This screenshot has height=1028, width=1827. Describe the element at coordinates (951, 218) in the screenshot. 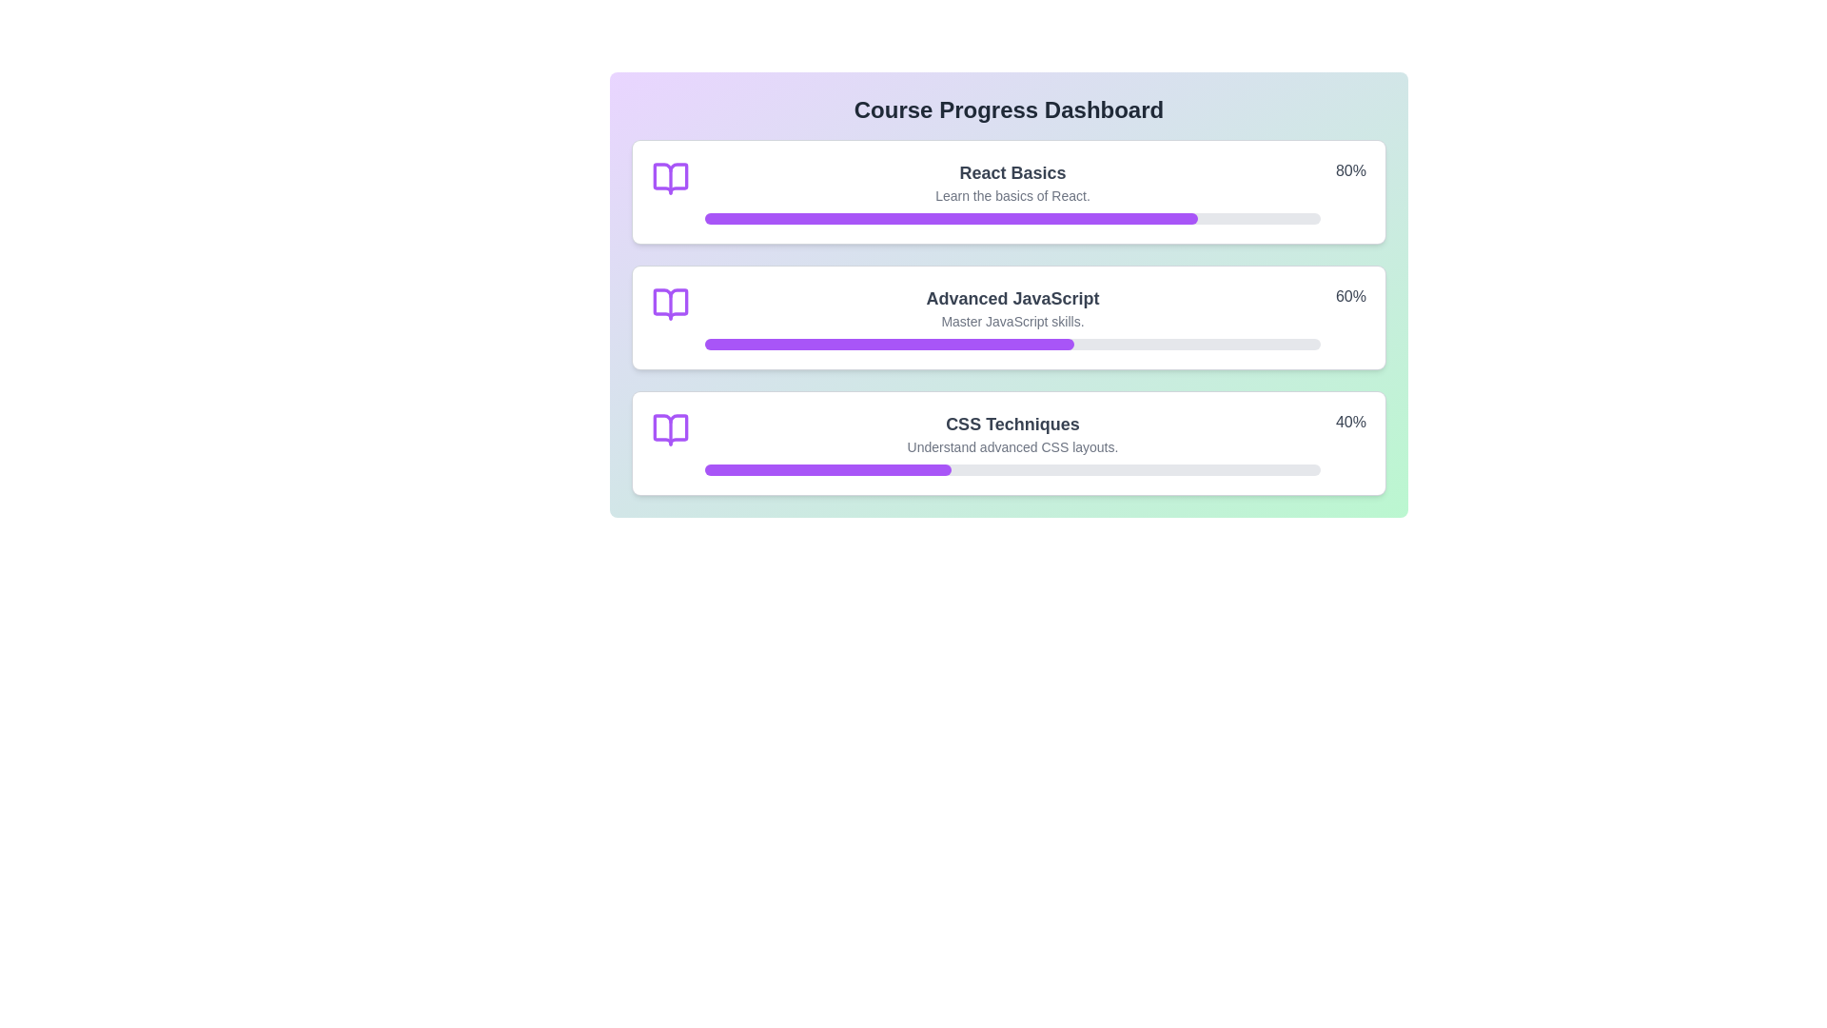

I see `the progress level of the purple progress bar located under the 'React Basics' course title in the Course Progress Dashboard` at that location.